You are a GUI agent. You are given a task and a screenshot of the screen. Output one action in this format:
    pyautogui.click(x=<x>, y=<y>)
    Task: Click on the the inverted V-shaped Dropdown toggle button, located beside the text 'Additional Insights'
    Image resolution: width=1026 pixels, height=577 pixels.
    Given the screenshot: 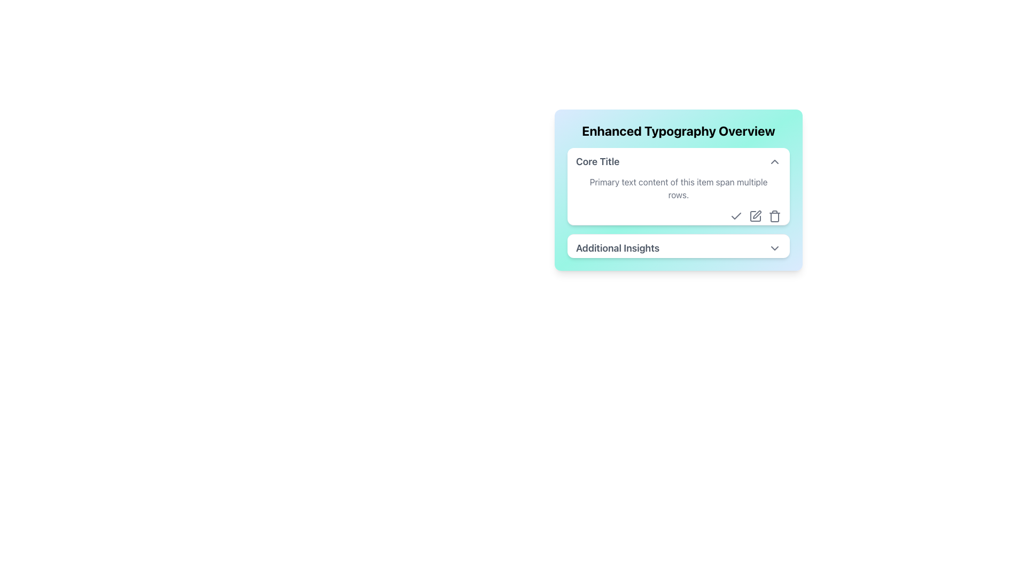 What is the action you would take?
    pyautogui.click(x=774, y=248)
    